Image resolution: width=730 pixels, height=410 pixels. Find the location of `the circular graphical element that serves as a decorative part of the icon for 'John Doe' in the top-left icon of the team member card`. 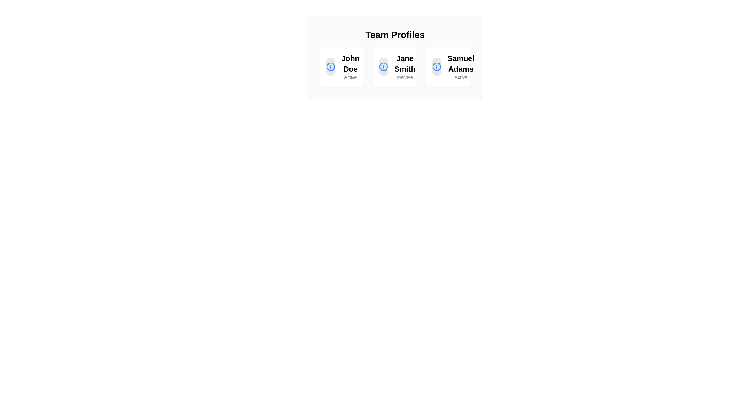

the circular graphical element that serves as a decorative part of the icon for 'John Doe' in the top-left icon of the team member card is located at coordinates (330, 66).